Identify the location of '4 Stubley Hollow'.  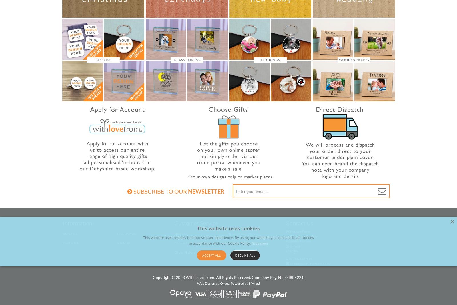
(298, 241).